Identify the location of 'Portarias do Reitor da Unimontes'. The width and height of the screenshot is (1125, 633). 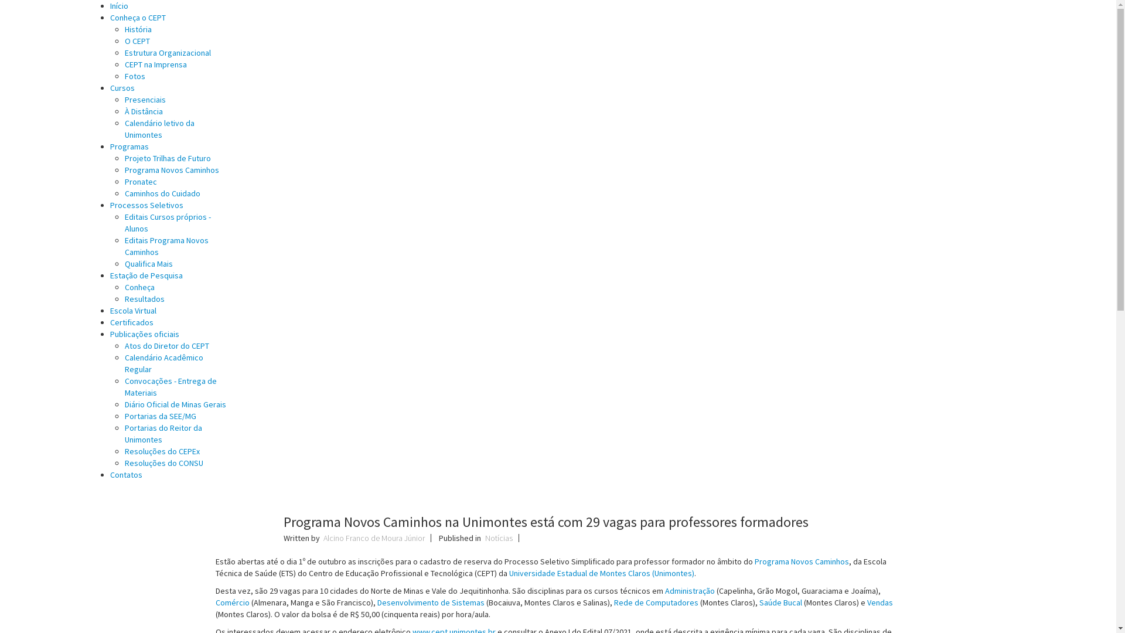
(162, 434).